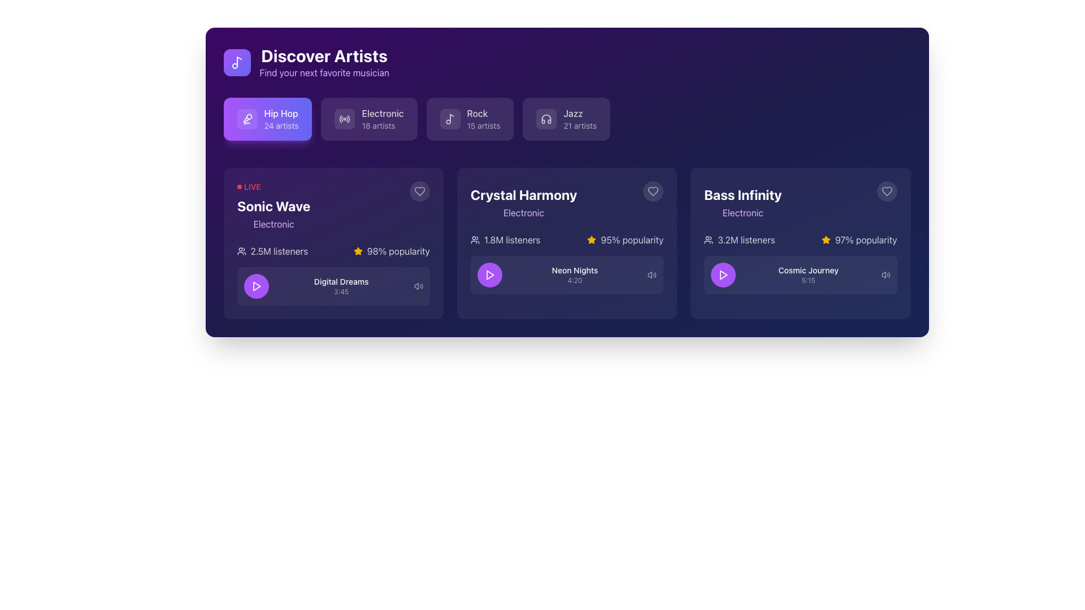  What do you see at coordinates (886, 191) in the screenshot?
I see `the heart icon located at the top right corner of the 'Bass Infinity' card` at bounding box center [886, 191].